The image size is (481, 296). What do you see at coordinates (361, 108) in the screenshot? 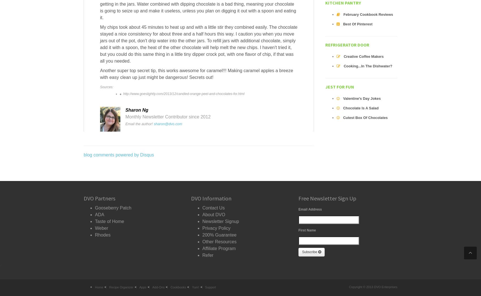
I see `'Chocolate Is A Salad'` at bounding box center [361, 108].